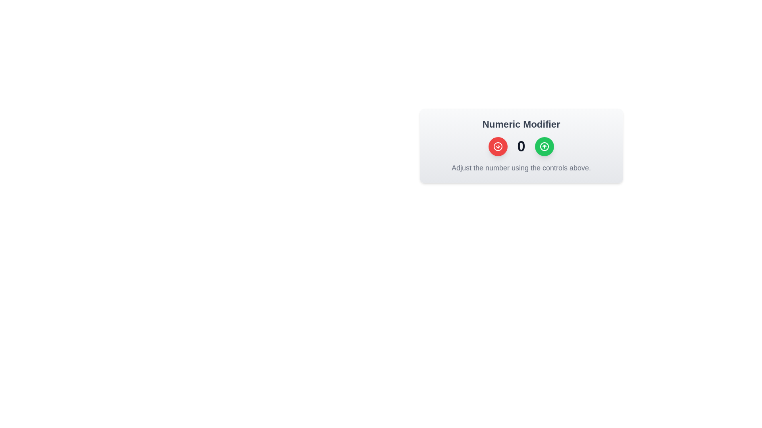 The image size is (762, 428). I want to click on the SVG graphical element (circle) that resembles an upward-pointing arrow, which is part of a numeric modifier interface near the green confirmation button, so click(544, 147).